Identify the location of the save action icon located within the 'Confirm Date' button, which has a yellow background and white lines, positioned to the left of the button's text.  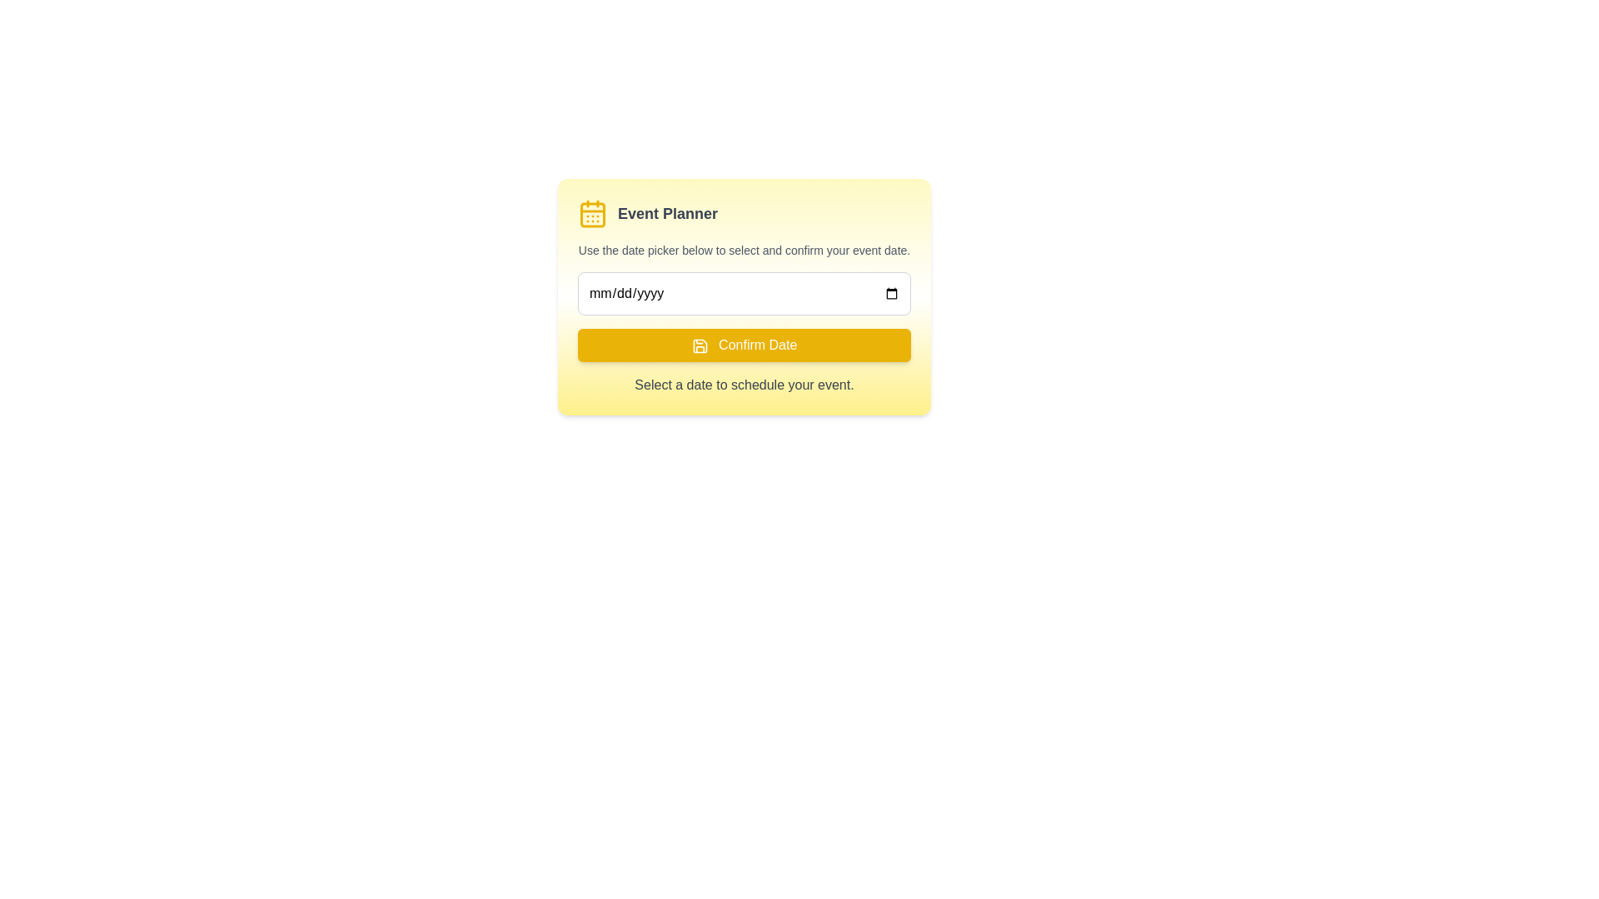
(700, 345).